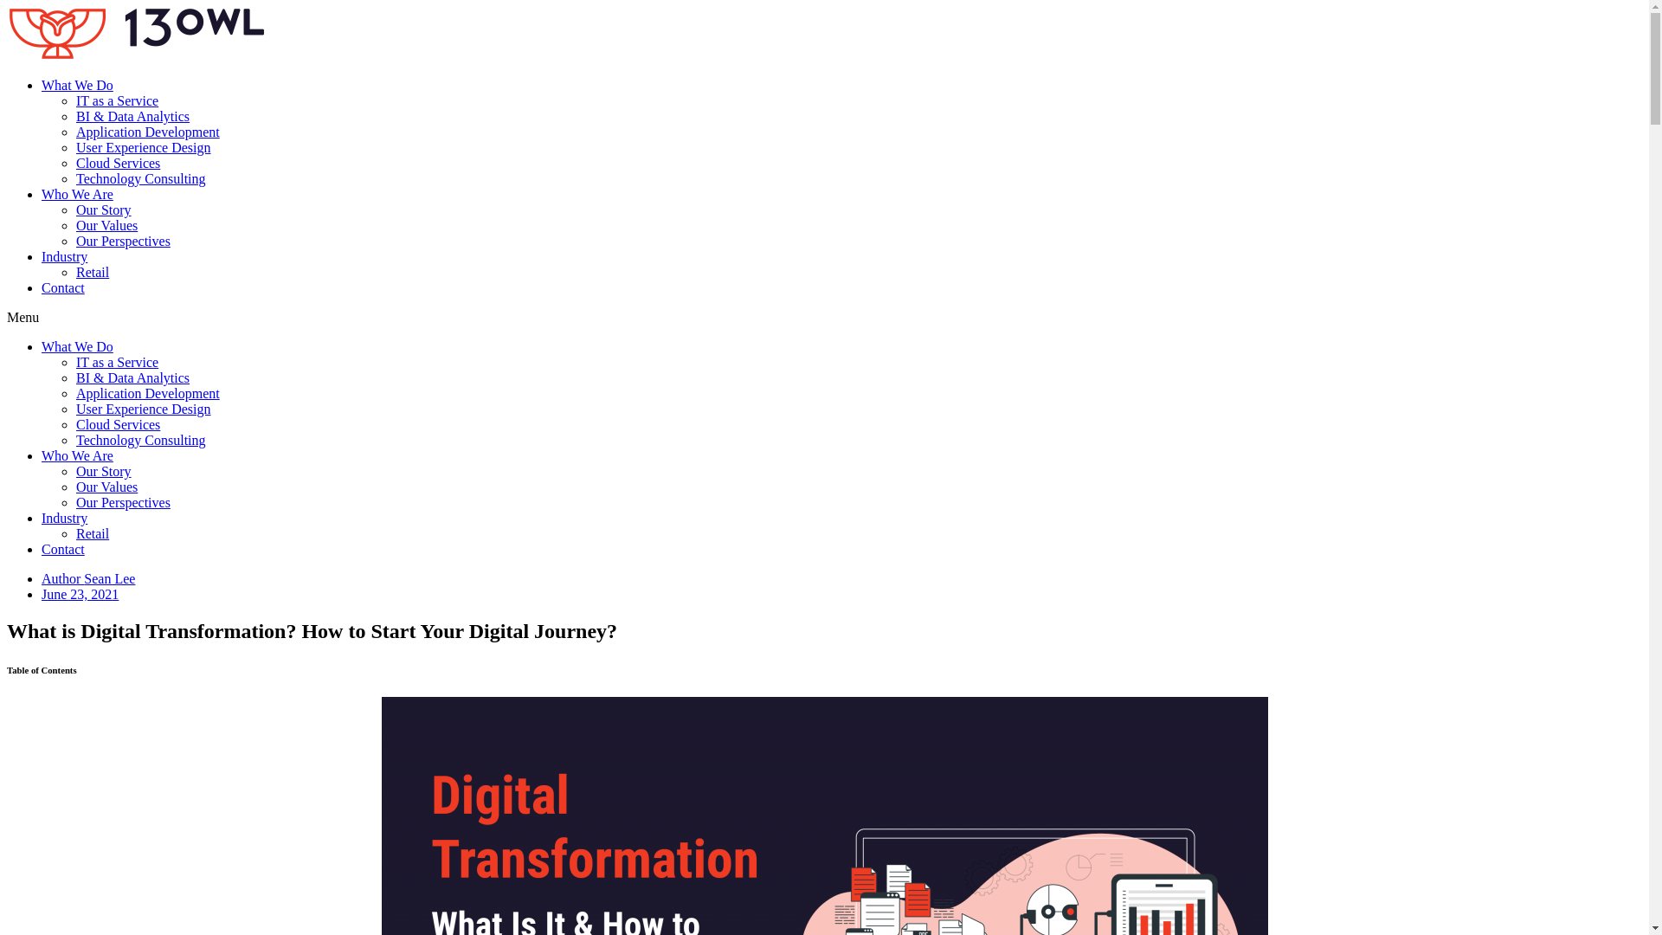 The image size is (1662, 935). I want to click on 'Cloud Services', so click(117, 163).